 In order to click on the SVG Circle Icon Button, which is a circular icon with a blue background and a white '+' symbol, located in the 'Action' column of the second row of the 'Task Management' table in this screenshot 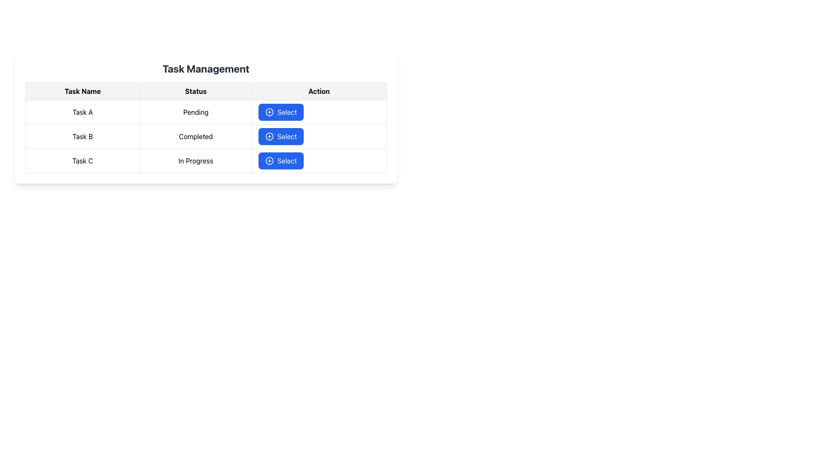, I will do `click(269, 136)`.